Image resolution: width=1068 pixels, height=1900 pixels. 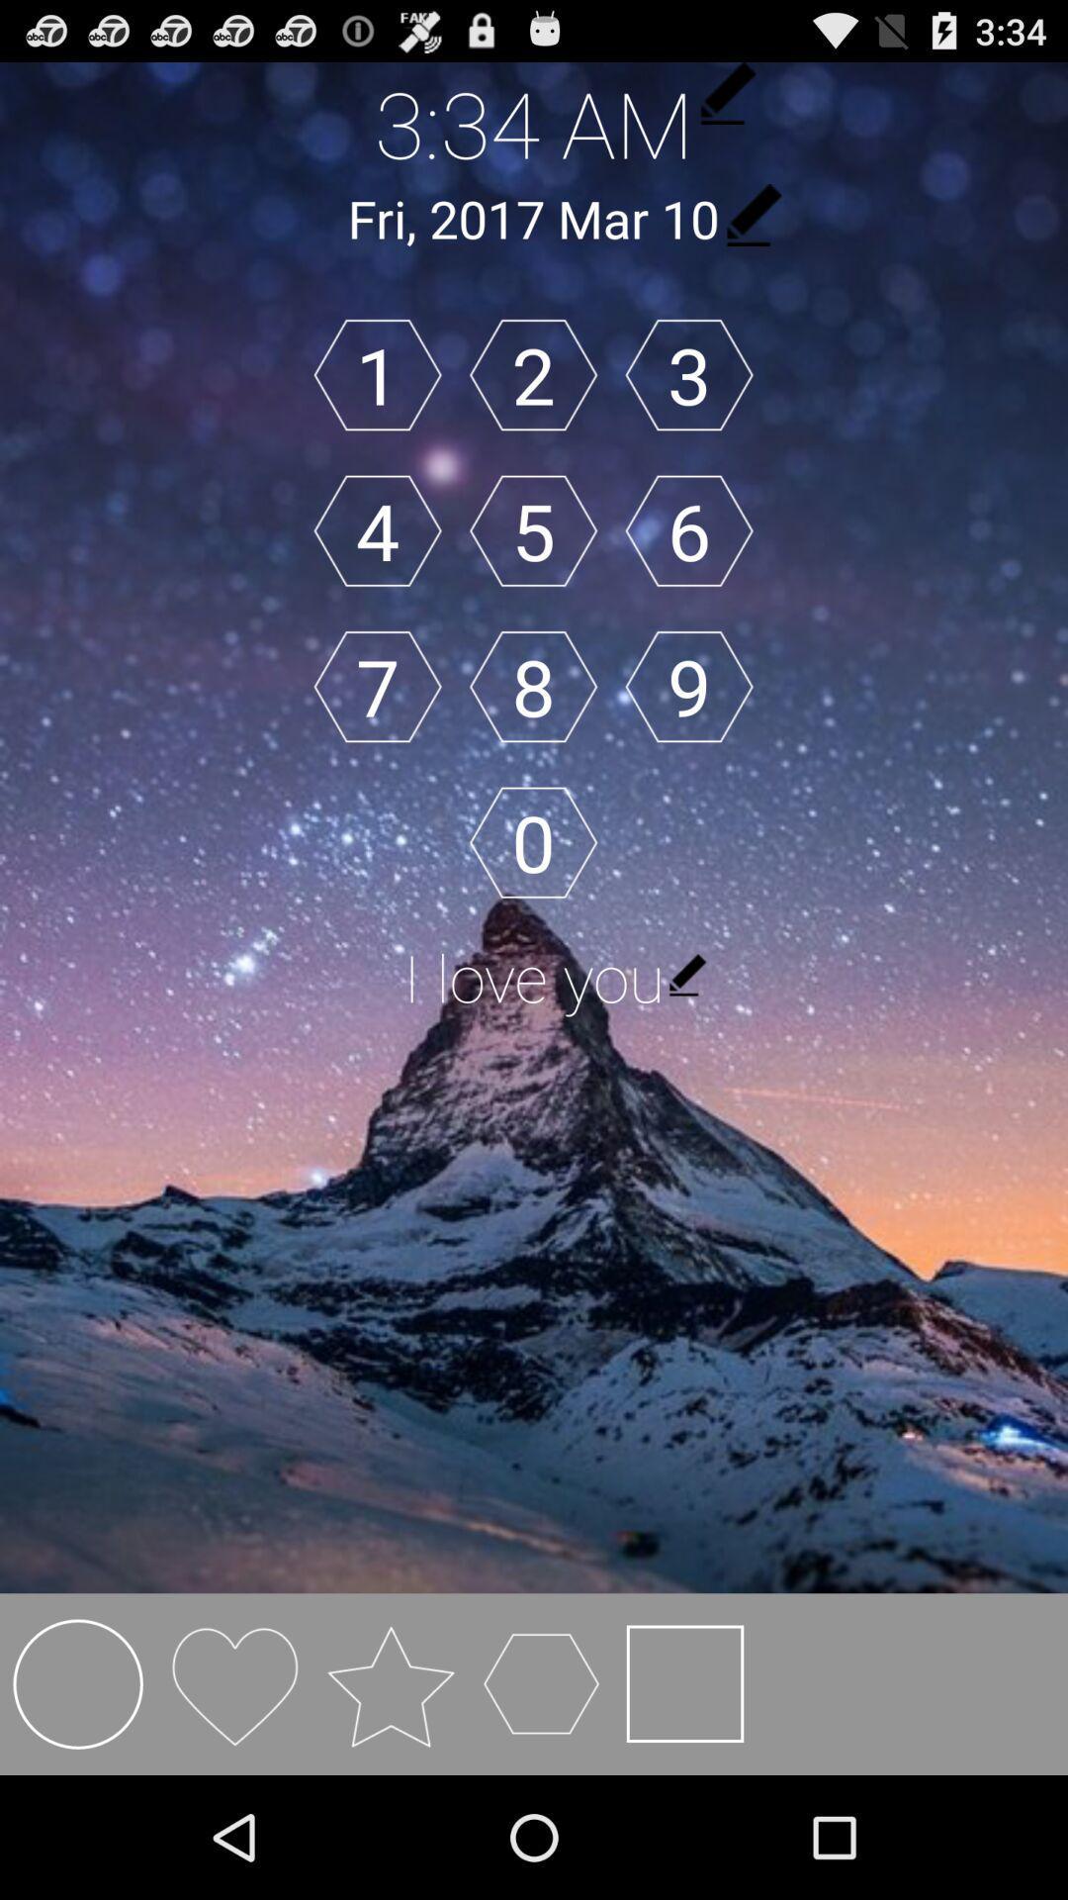 What do you see at coordinates (378, 375) in the screenshot?
I see `app below fri 2017 mar item` at bounding box center [378, 375].